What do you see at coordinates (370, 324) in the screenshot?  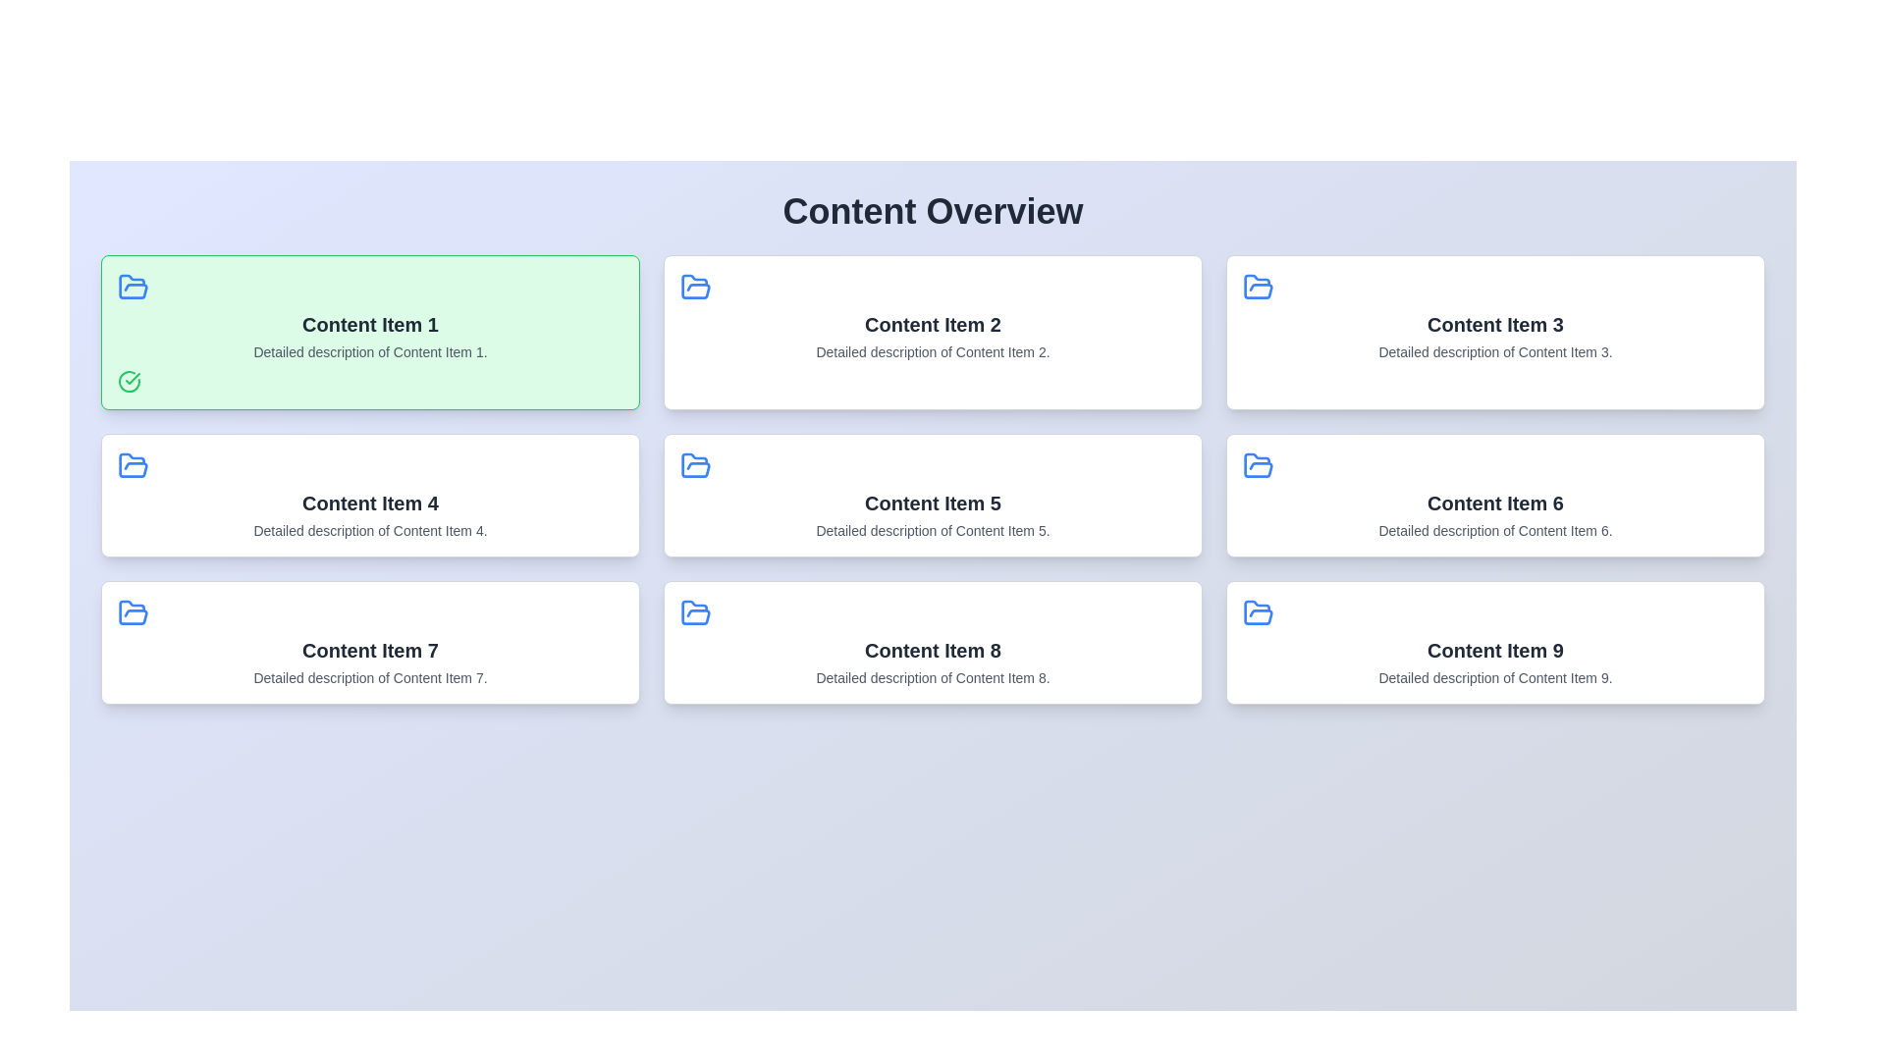 I see `the Text label that displays the title or heading of the associated content item, located in the top-left corner of the first item card in the grid layout` at bounding box center [370, 324].